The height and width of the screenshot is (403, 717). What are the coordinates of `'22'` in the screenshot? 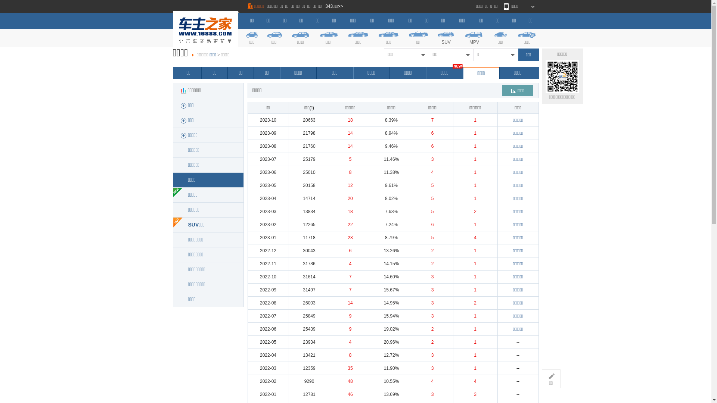 It's located at (350, 224).